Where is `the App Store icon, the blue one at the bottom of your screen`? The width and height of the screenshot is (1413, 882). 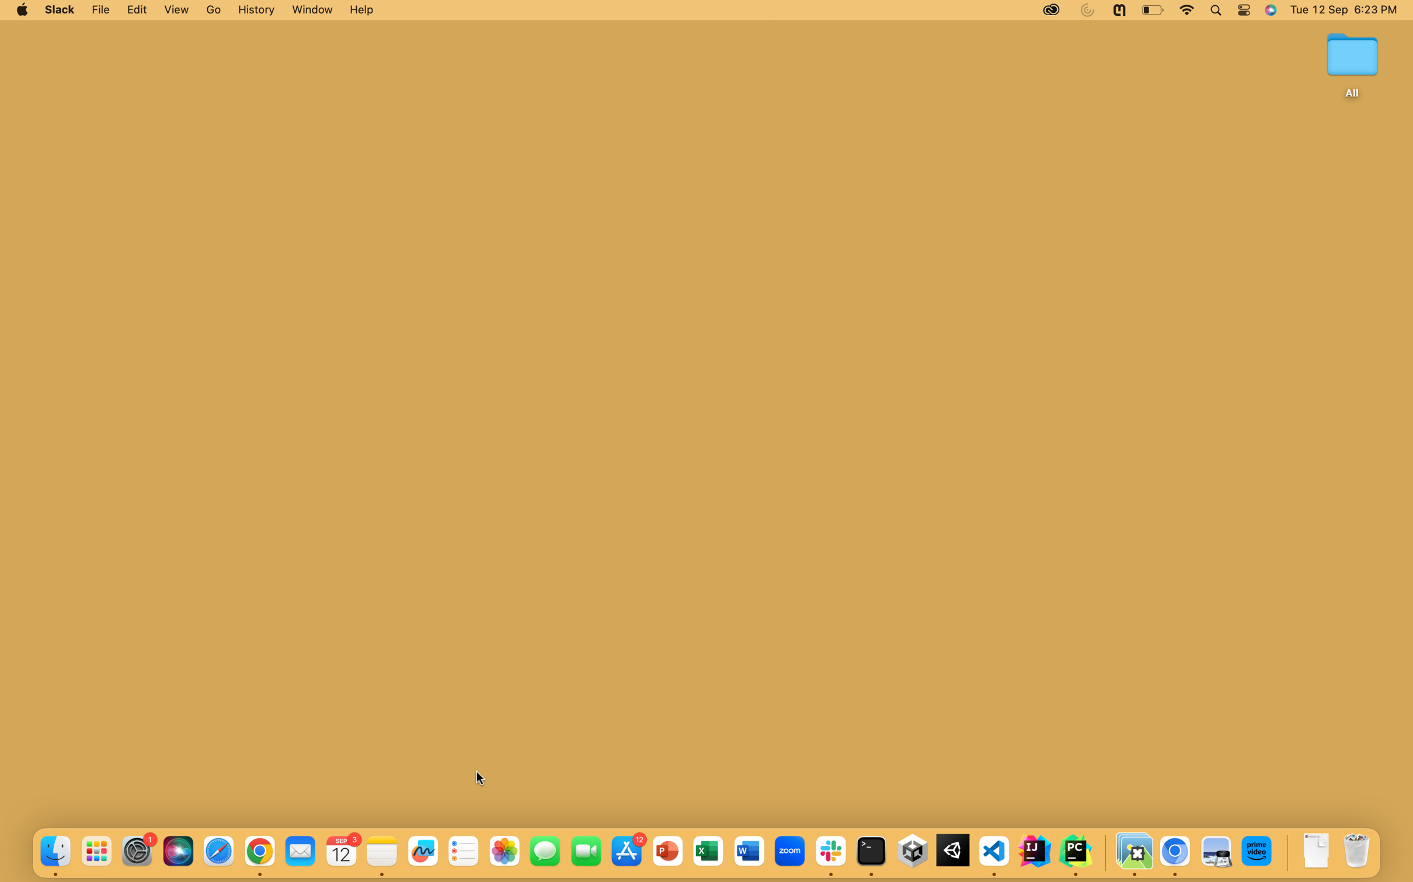 the App Store icon, the blue one at the bottom of your screen is located at coordinates (627, 851).